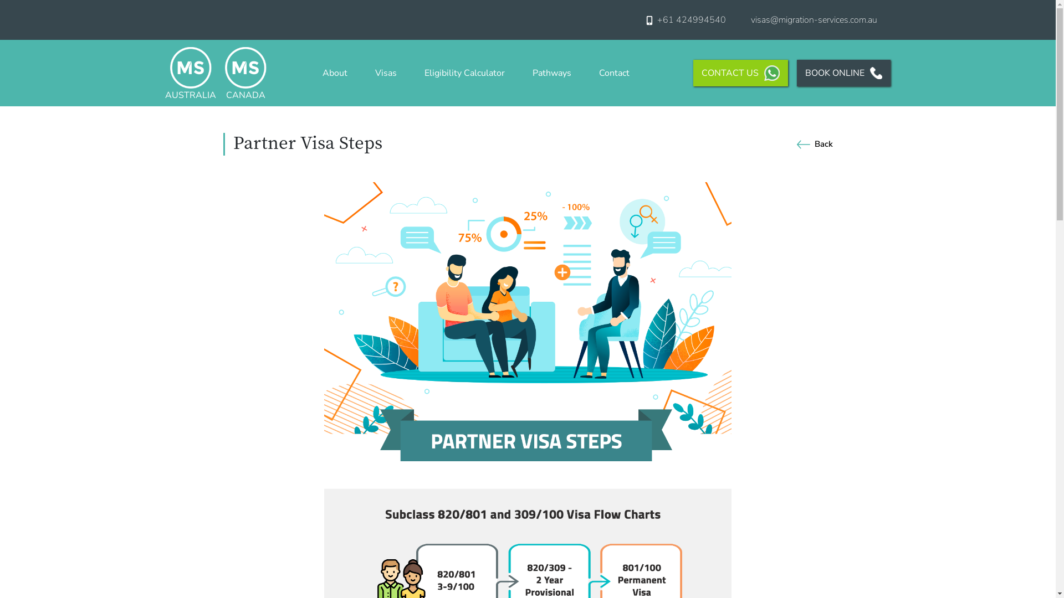 The image size is (1064, 598). I want to click on 'Eligibility Calculator', so click(464, 73).